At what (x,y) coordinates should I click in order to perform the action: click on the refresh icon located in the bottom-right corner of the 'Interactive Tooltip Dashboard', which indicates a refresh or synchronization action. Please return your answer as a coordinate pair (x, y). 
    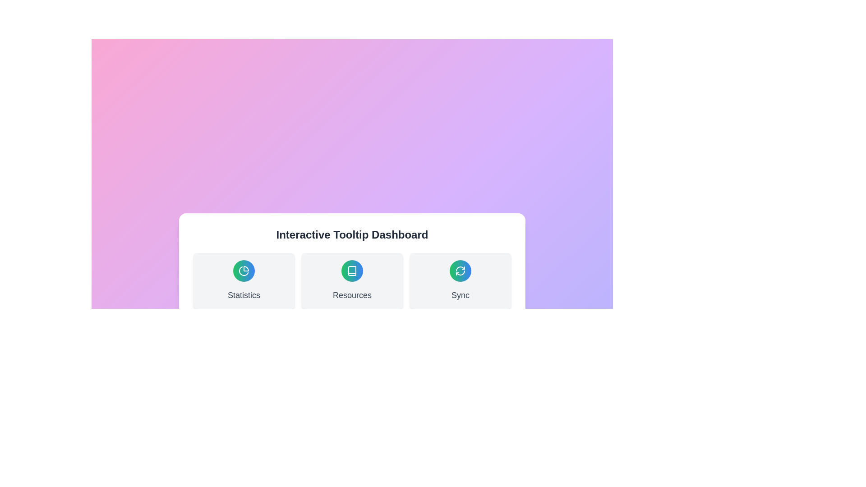
    Looking at the image, I should click on (461, 271).